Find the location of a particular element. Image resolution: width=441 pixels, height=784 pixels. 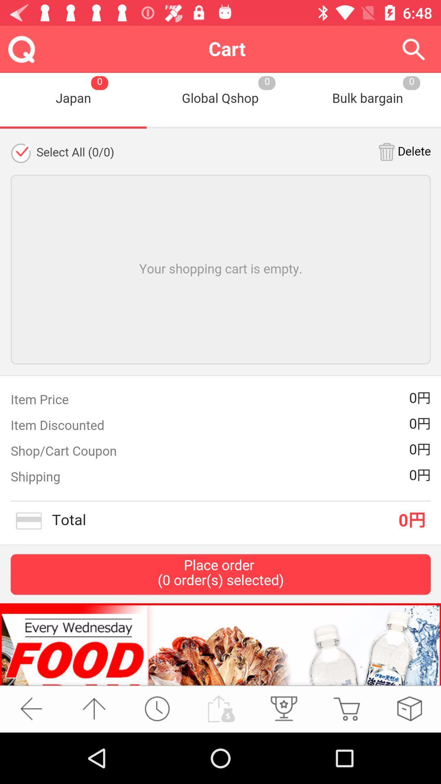

to add into cart is located at coordinates (346, 708).